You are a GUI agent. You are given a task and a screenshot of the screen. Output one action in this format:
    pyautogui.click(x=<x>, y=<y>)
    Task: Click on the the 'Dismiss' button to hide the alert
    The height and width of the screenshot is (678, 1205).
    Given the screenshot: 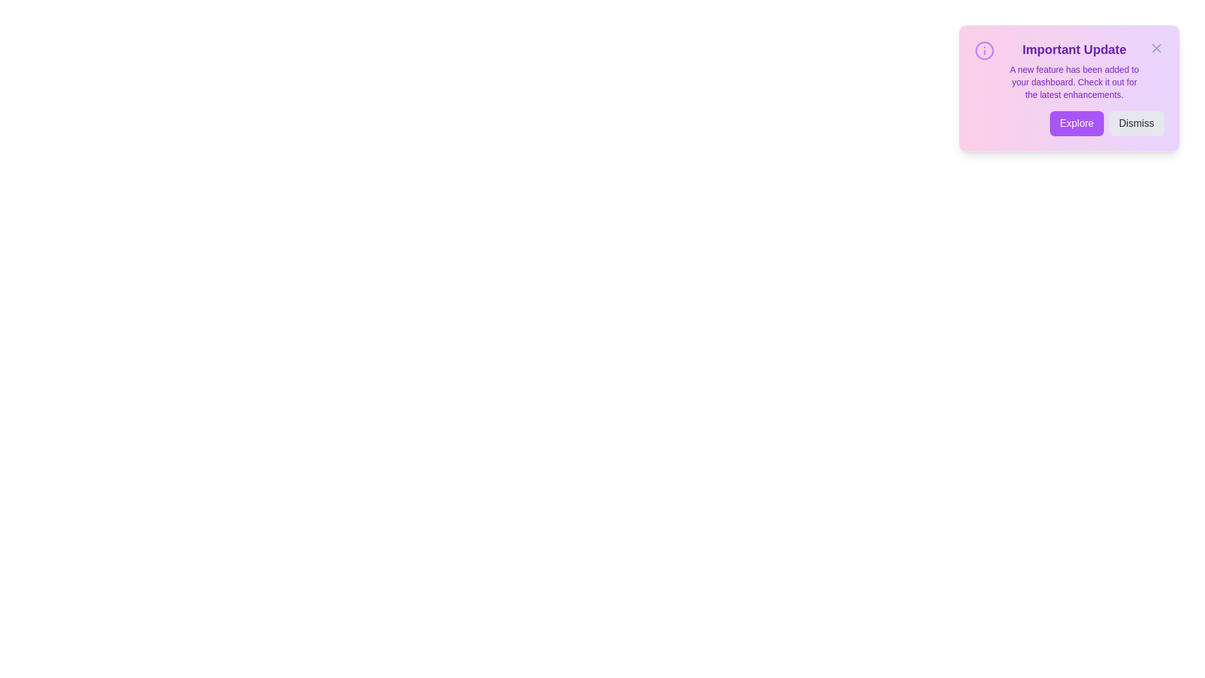 What is the action you would take?
    pyautogui.click(x=1136, y=123)
    